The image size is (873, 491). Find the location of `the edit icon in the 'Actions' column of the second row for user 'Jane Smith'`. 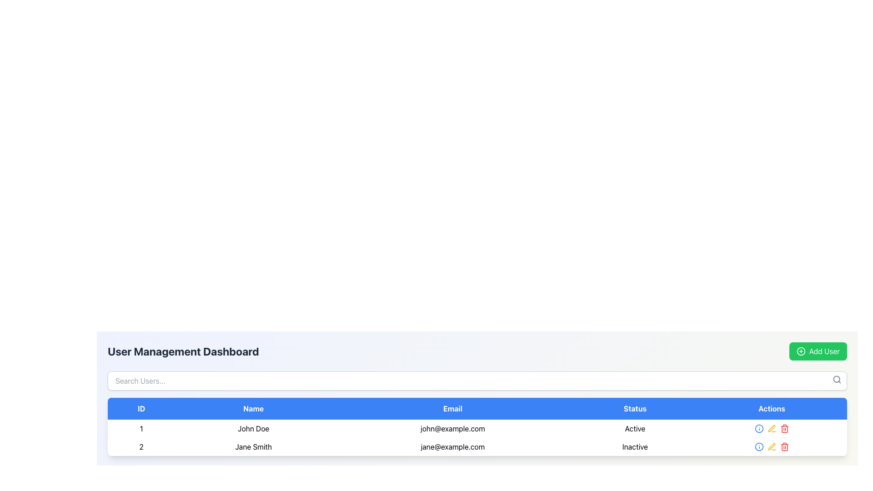

the edit icon in the 'Actions' column of the second row for user 'Jane Smith' is located at coordinates (771, 446).